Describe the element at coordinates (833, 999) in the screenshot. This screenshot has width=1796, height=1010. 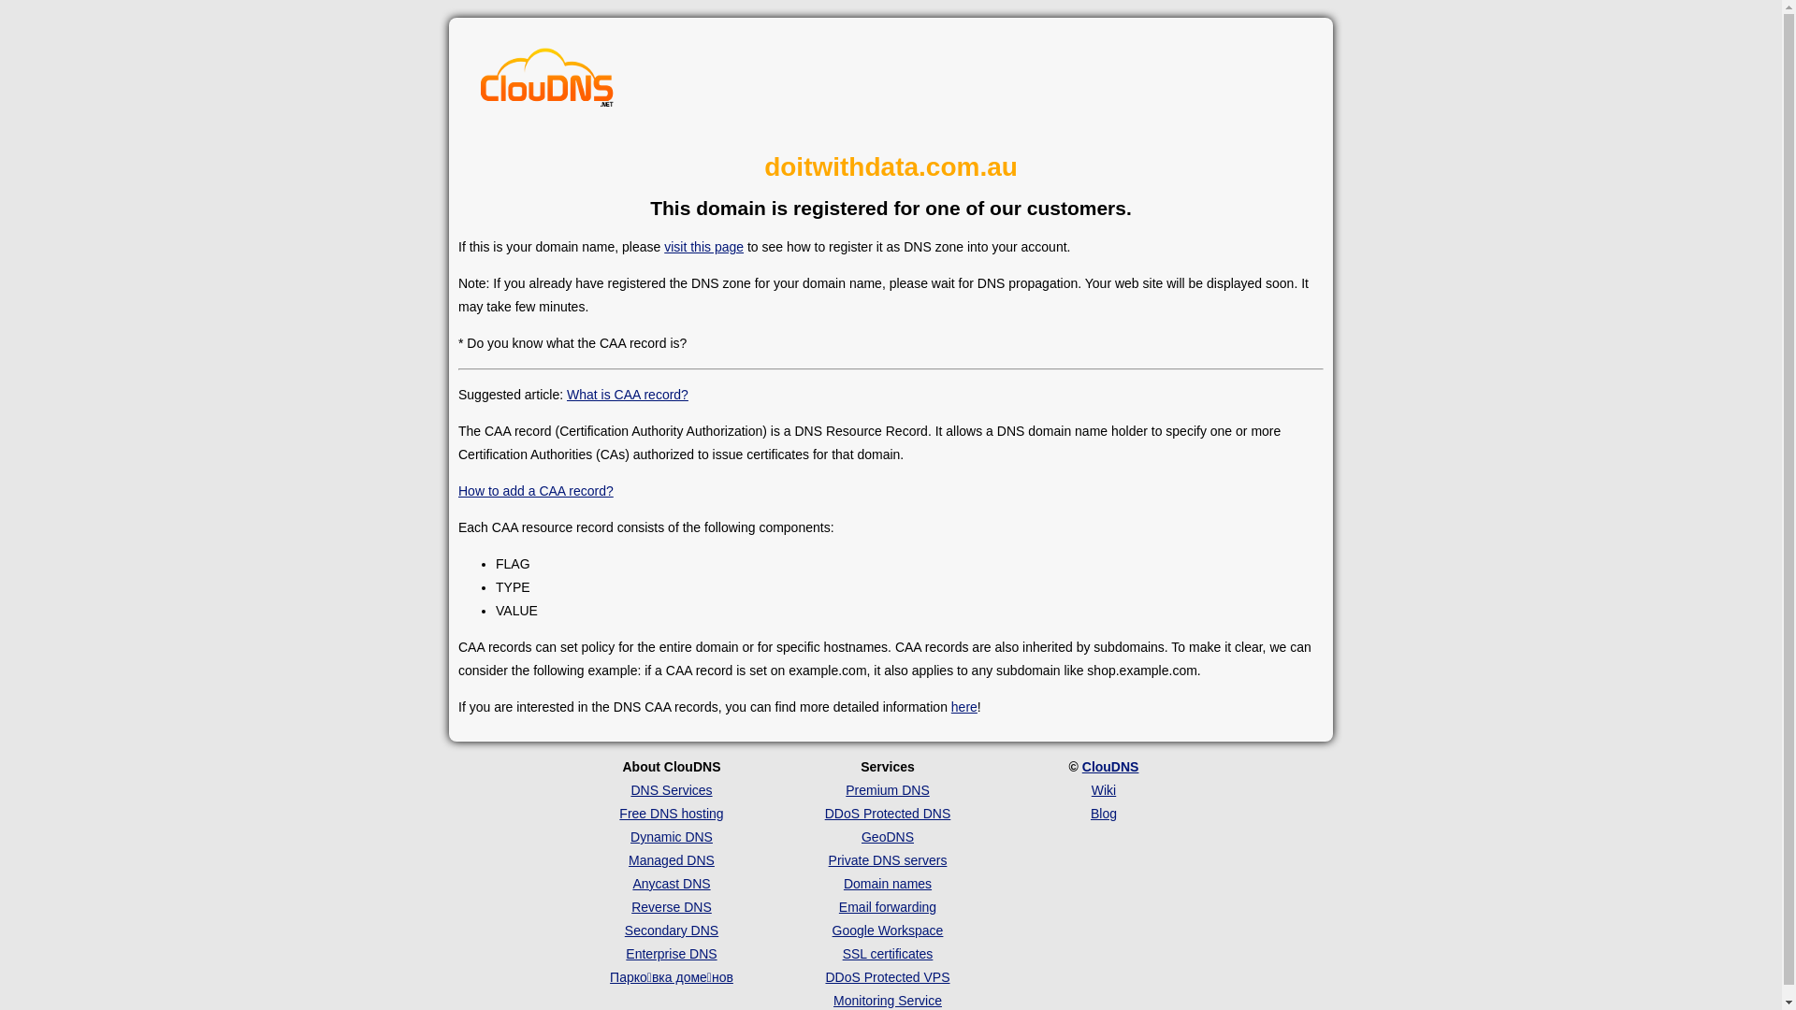
I see `'Monitoring Service'` at that location.